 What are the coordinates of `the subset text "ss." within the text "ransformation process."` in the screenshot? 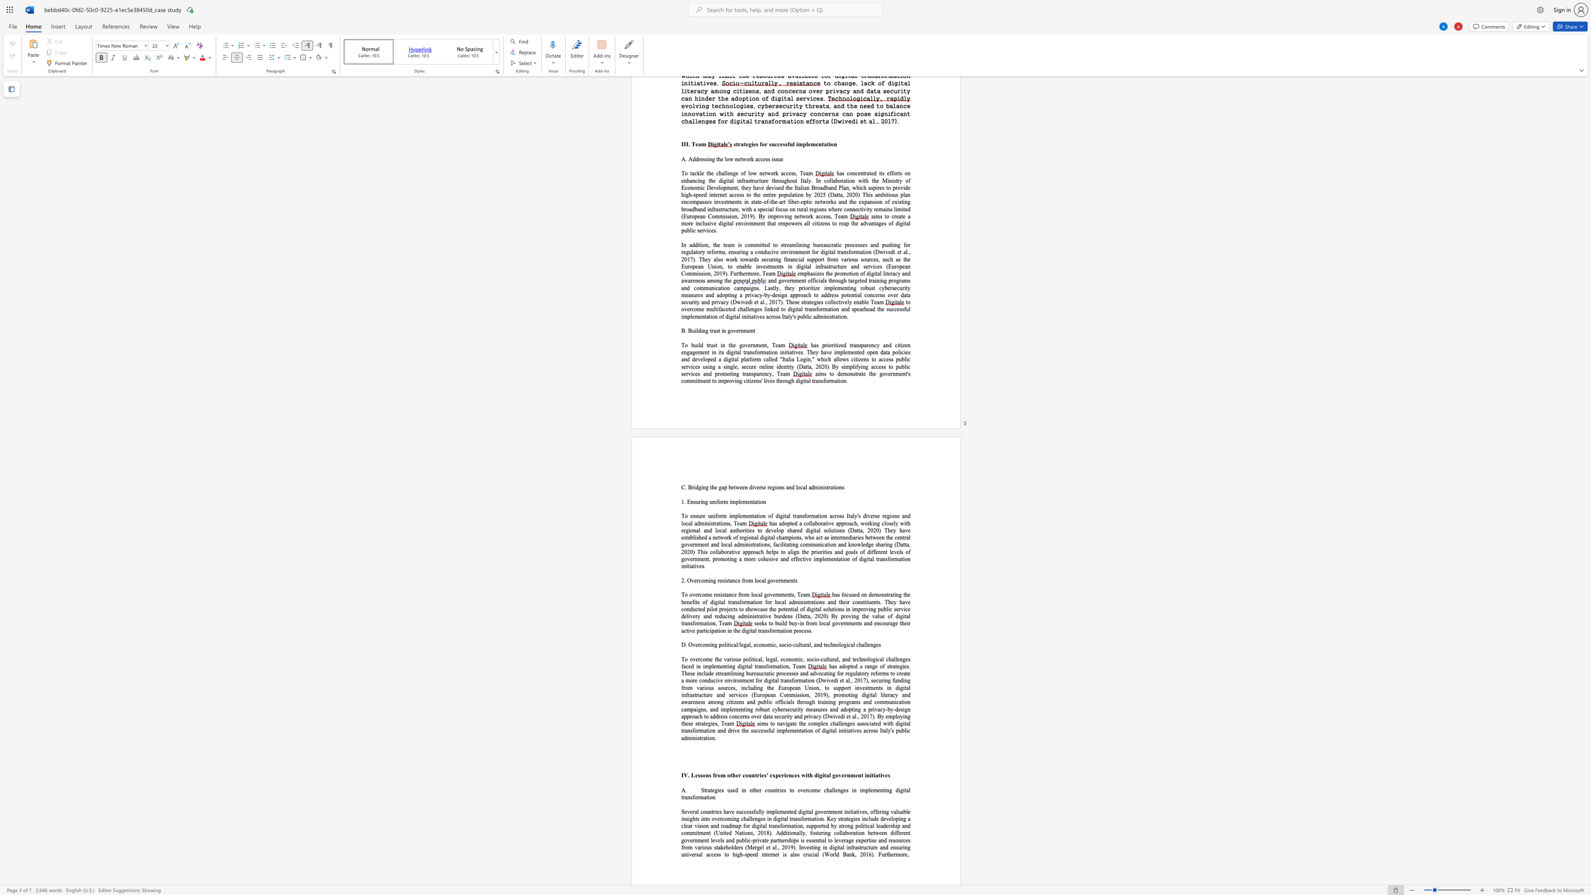 It's located at (806, 630).